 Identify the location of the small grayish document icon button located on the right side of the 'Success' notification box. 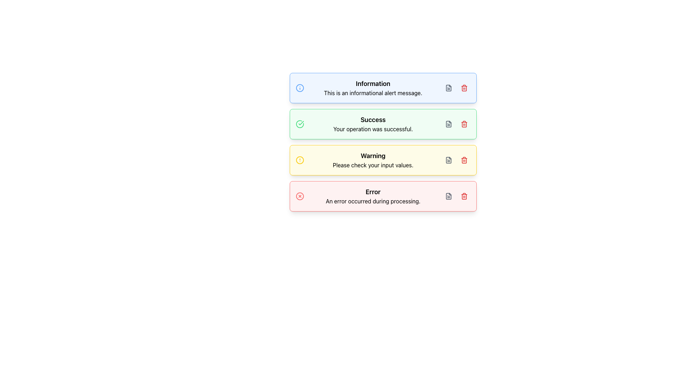
(448, 124).